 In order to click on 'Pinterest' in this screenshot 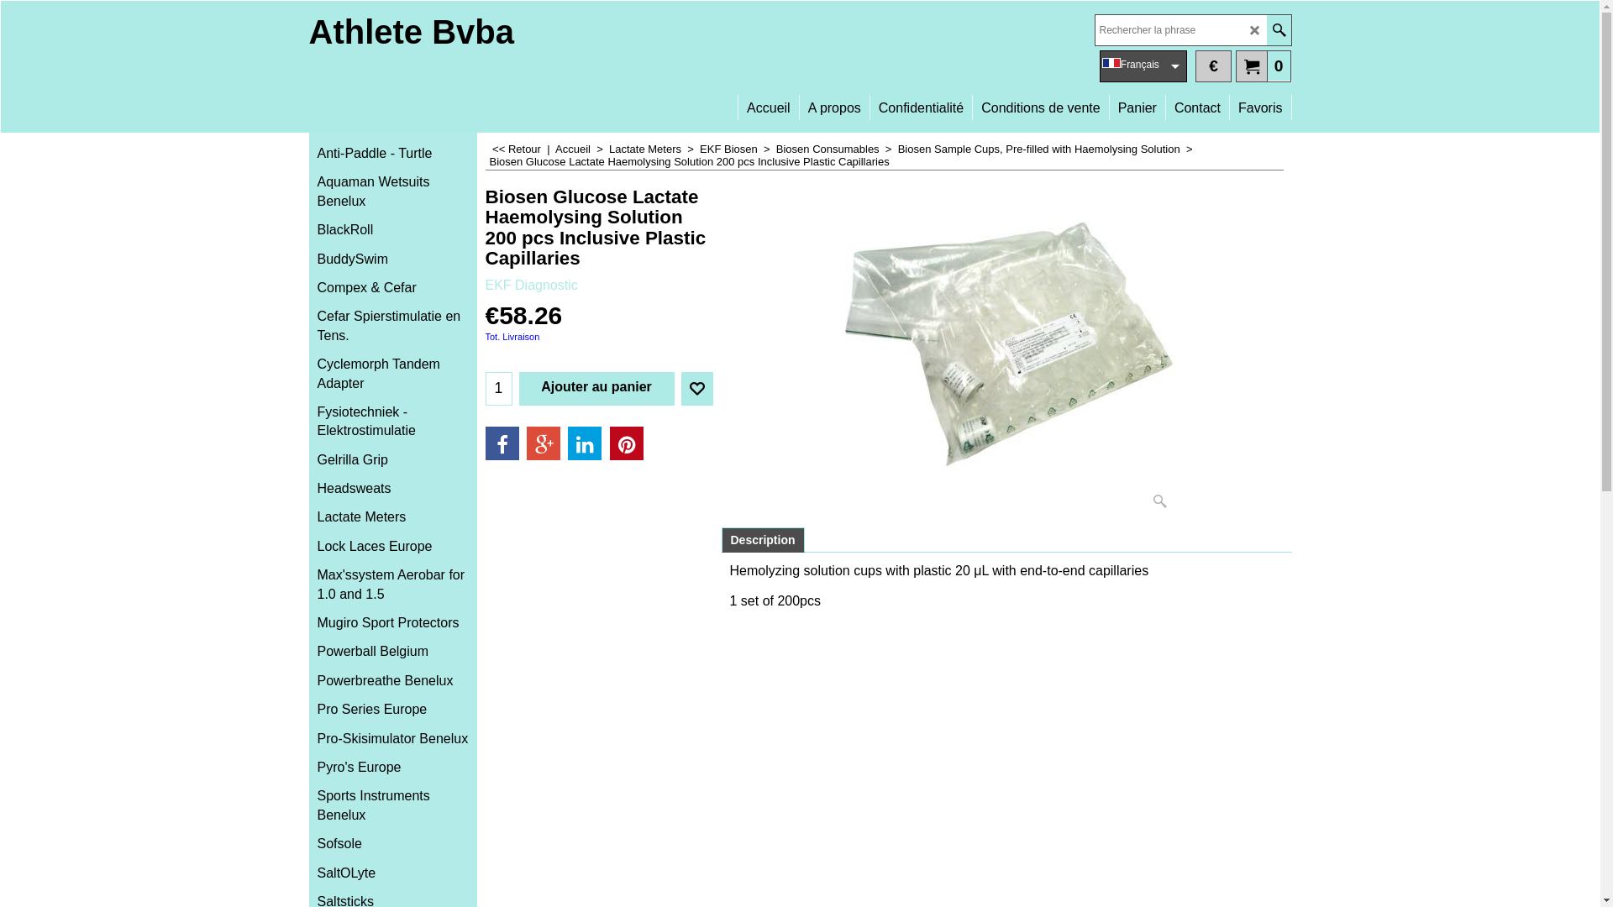, I will do `click(625, 443)`.